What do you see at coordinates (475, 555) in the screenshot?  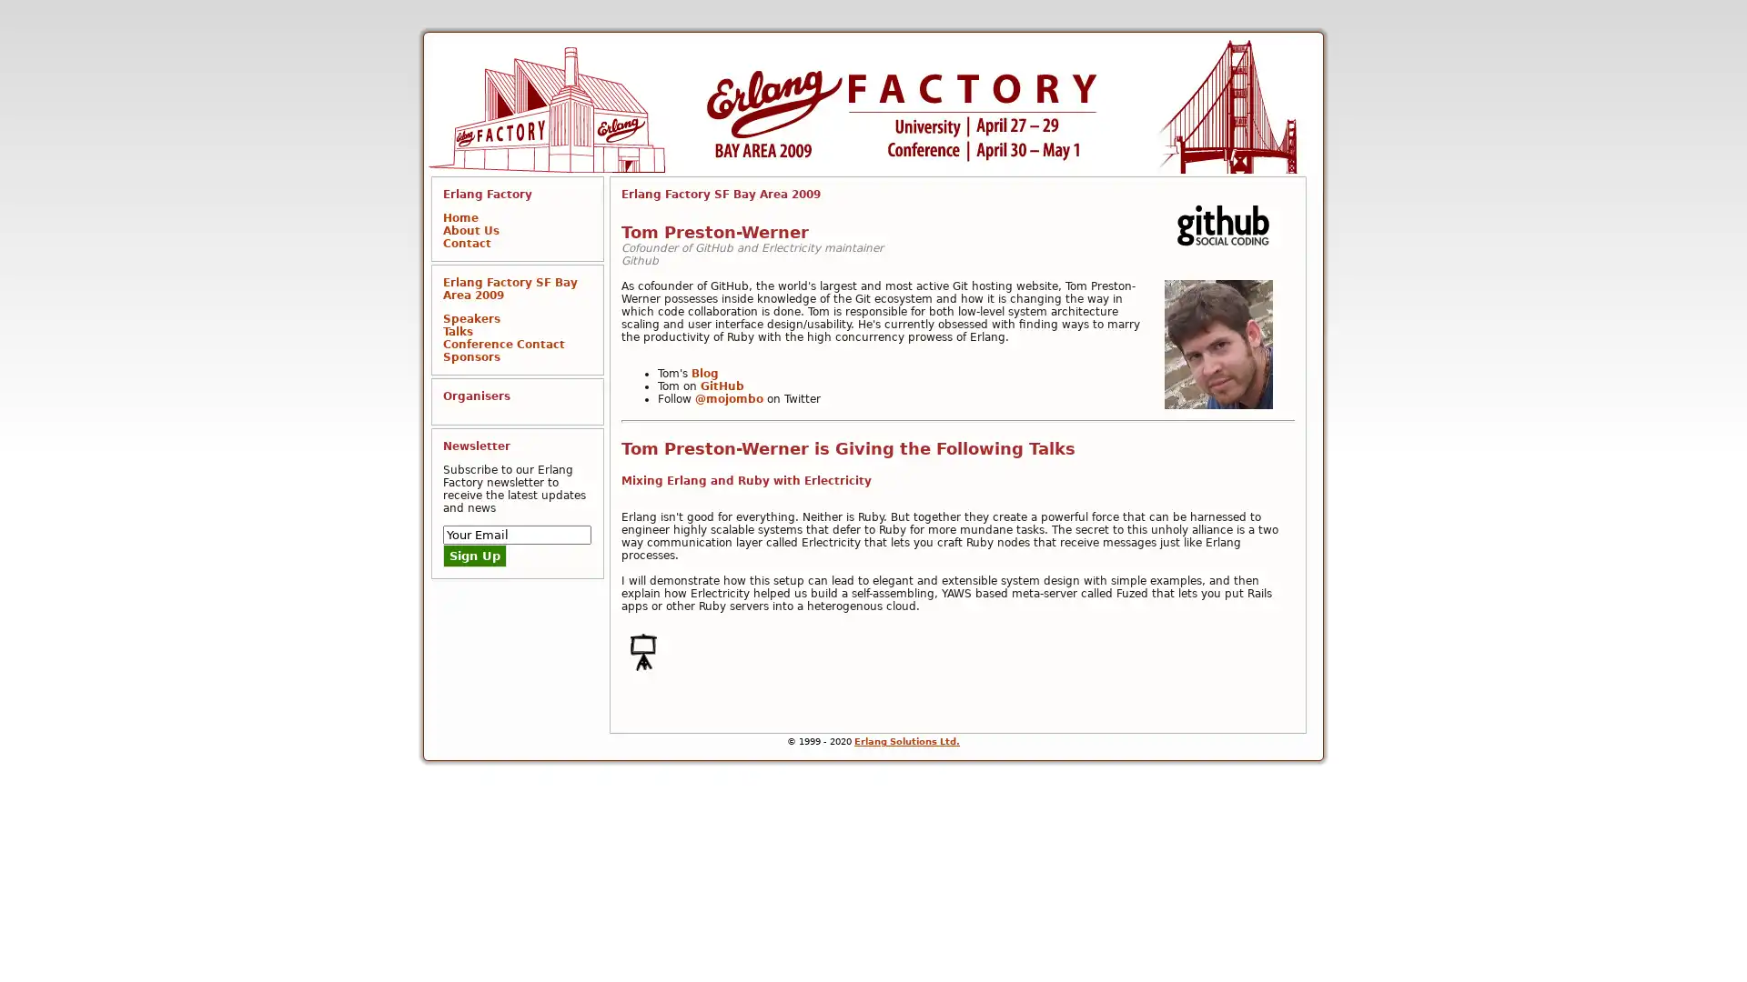 I see `Sign Up` at bounding box center [475, 555].